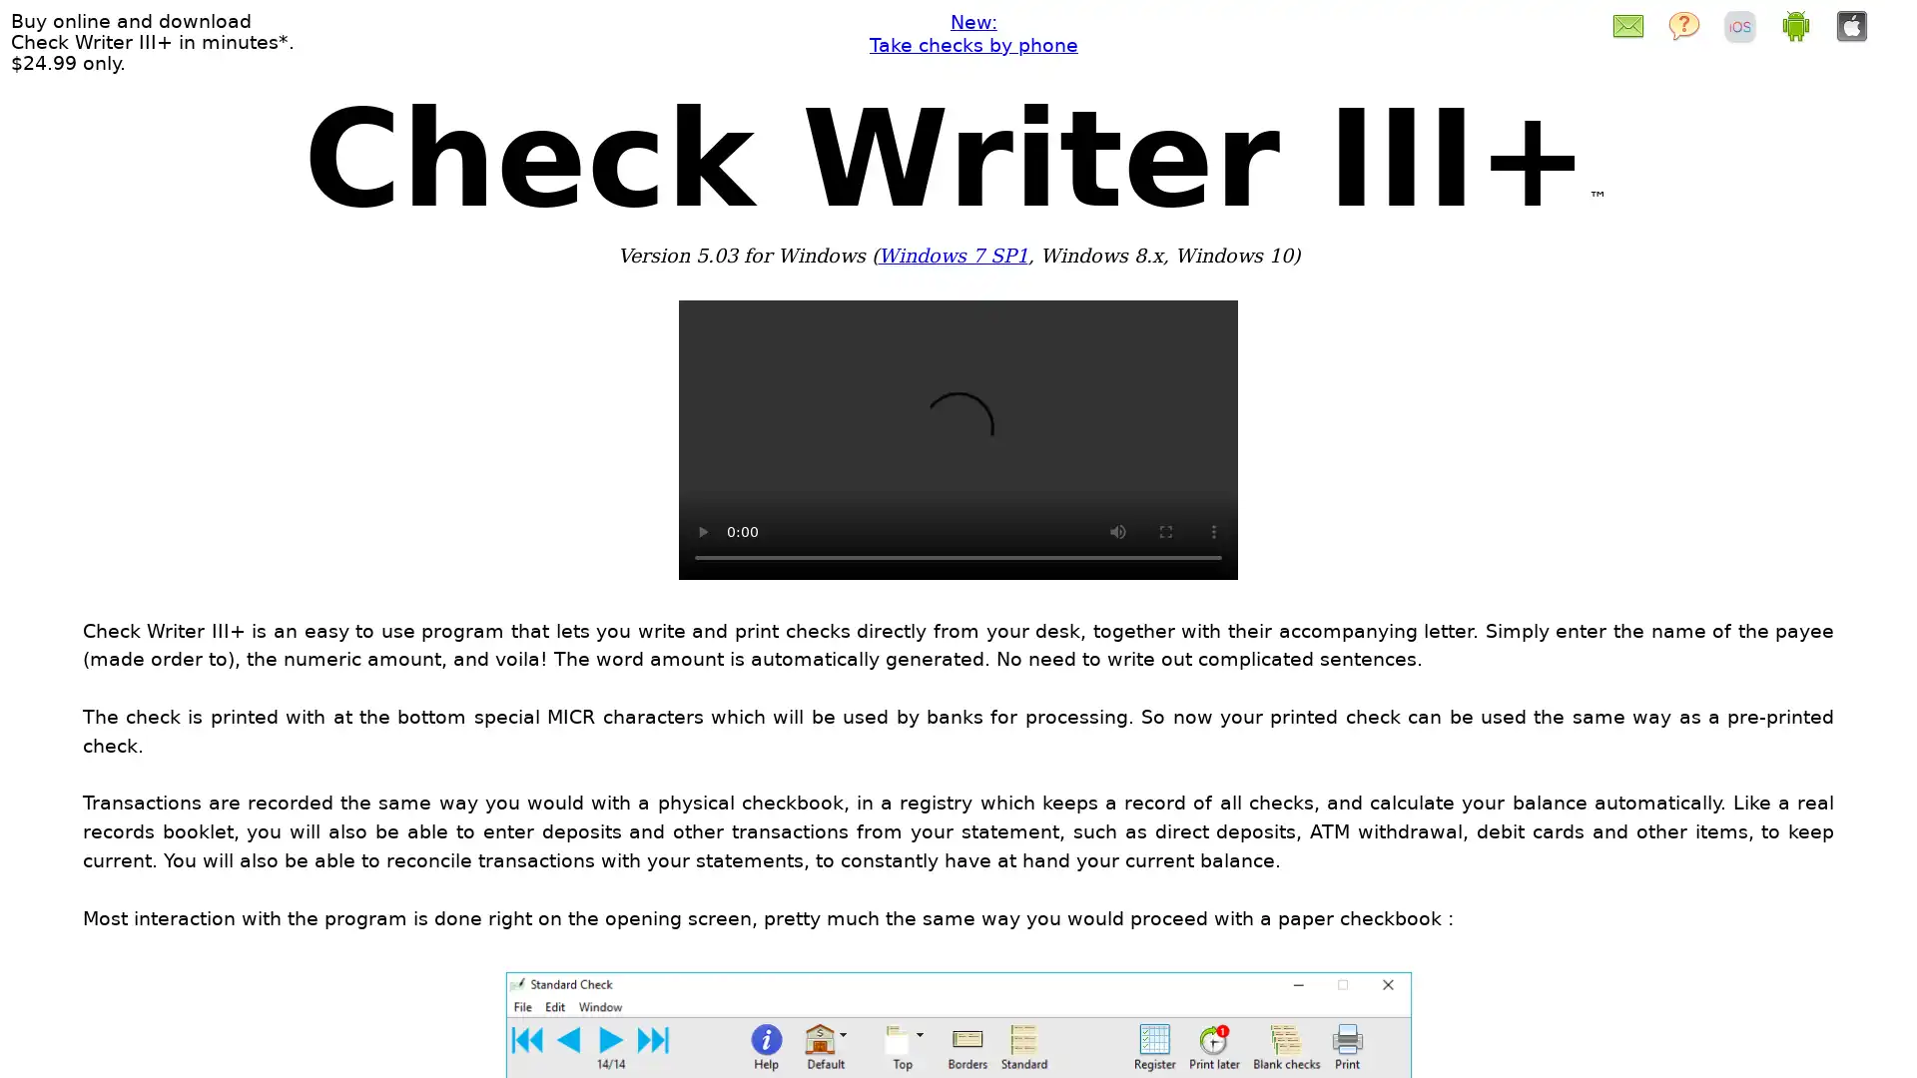 The height and width of the screenshot is (1078, 1917). Describe the element at coordinates (1165, 530) in the screenshot. I see `enter full screen` at that location.